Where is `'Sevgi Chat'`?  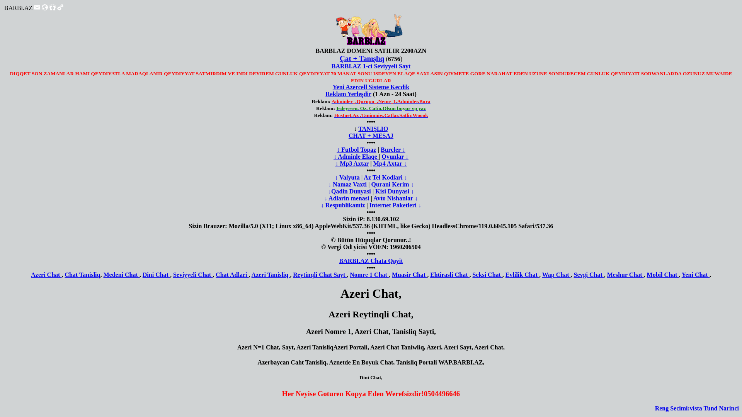 'Sevgi Chat' is located at coordinates (588, 274).